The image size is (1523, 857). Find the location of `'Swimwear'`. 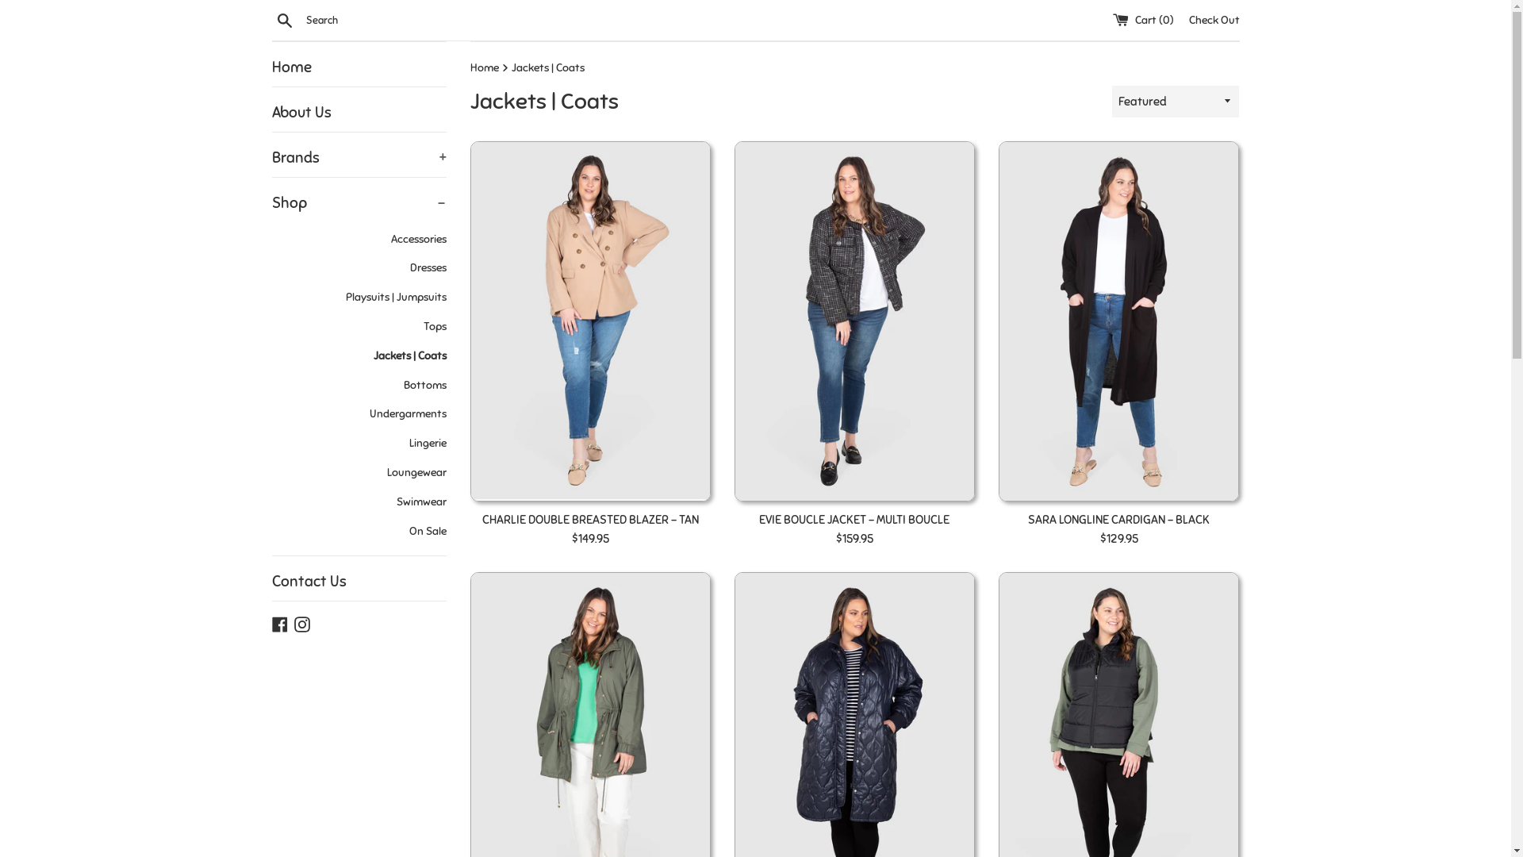

'Swimwear' is located at coordinates (357, 502).